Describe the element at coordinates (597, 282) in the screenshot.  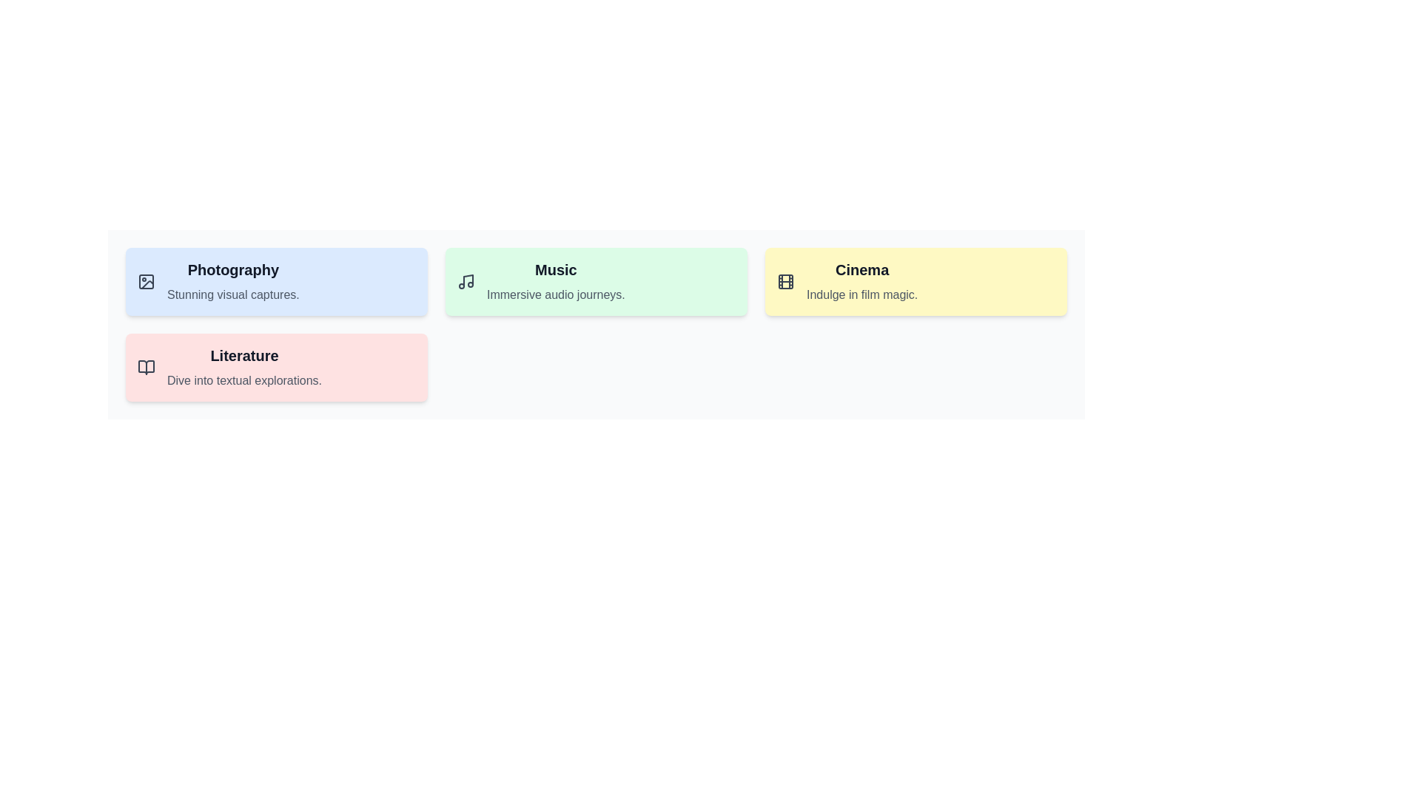
I see `the 'Music' category tile, which is the second item in a grid of four, located in the center-right area of the grid` at that location.